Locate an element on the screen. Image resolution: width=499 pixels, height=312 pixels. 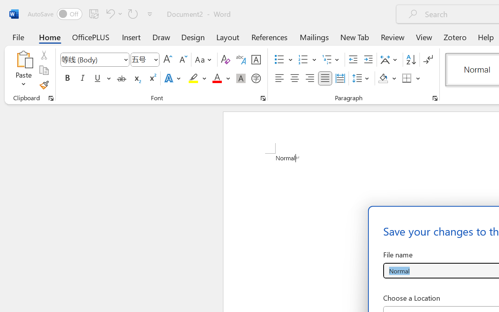
'Decrease Indent' is located at coordinates (353, 60).